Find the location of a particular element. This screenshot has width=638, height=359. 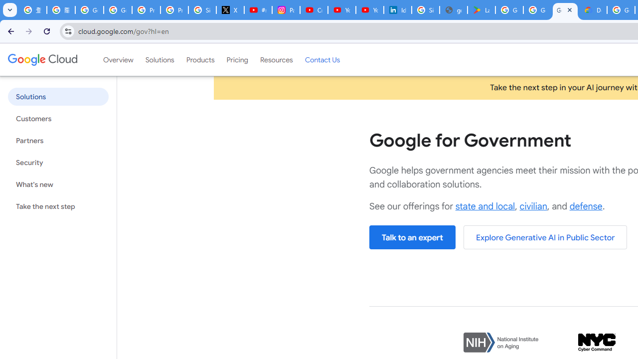

'YouTube Culture & Trends - YouTube Top 10, 2021' is located at coordinates (369, 10).